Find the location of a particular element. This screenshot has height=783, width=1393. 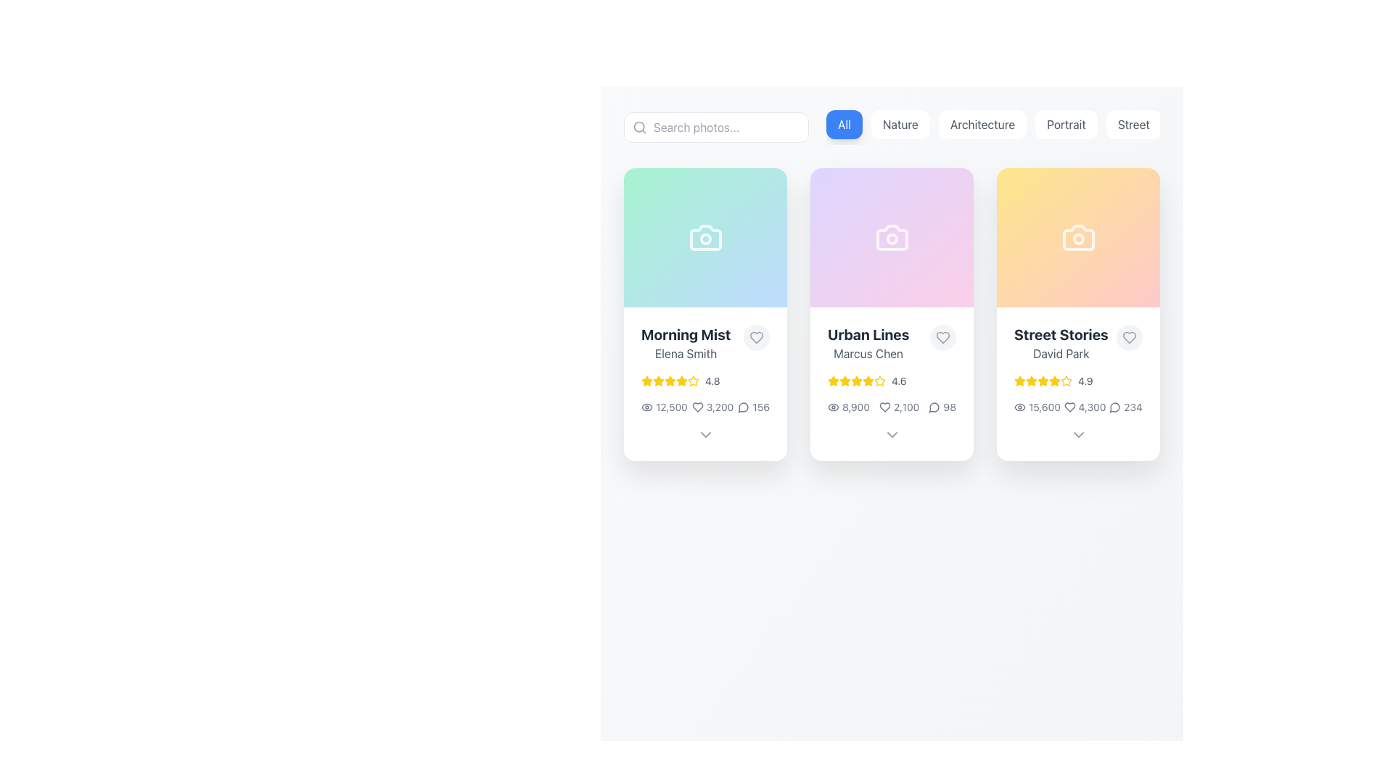

the 'Architecture' filter button located in the upper center of the interface, which is the third button from the left in the button group is located at coordinates (982, 124).